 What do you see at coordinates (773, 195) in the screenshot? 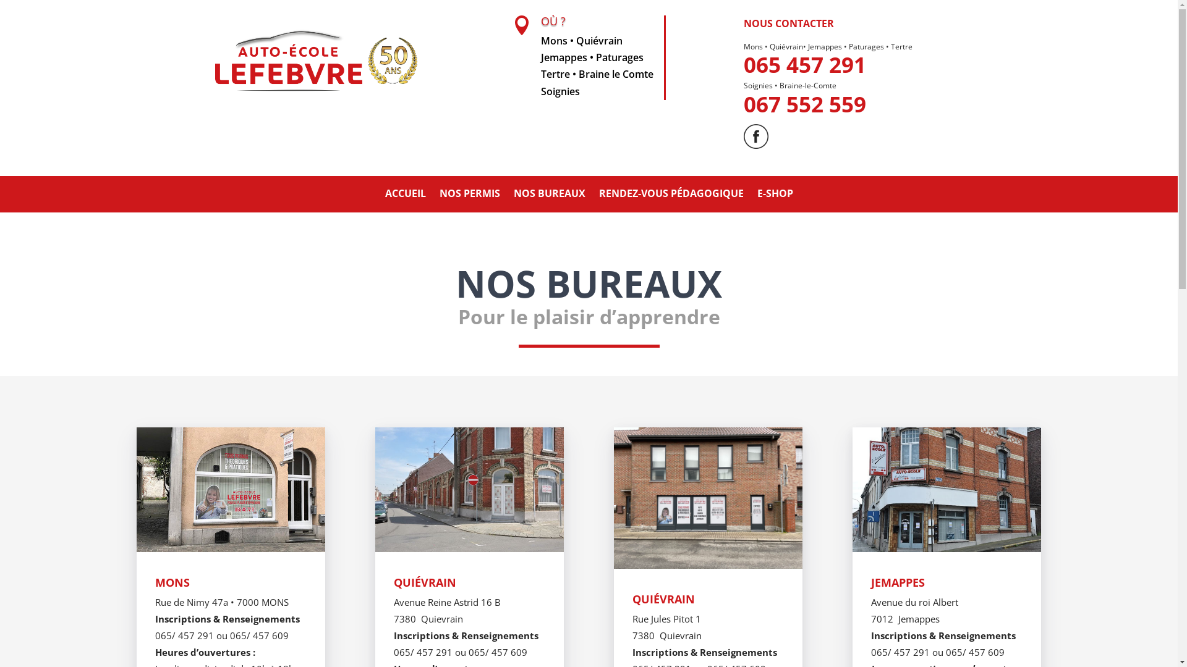
I see `'E-SHOP'` at bounding box center [773, 195].